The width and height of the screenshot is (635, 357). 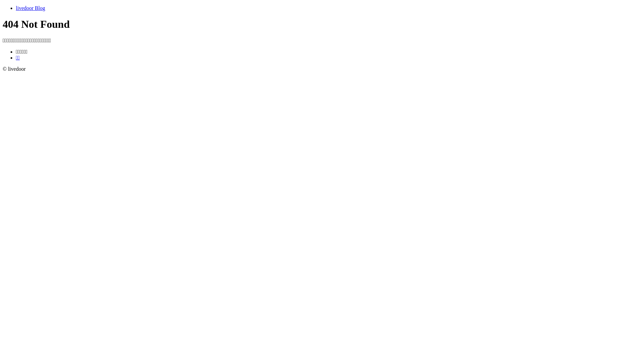 I want to click on 'livedoor Blog', so click(x=30, y=8).